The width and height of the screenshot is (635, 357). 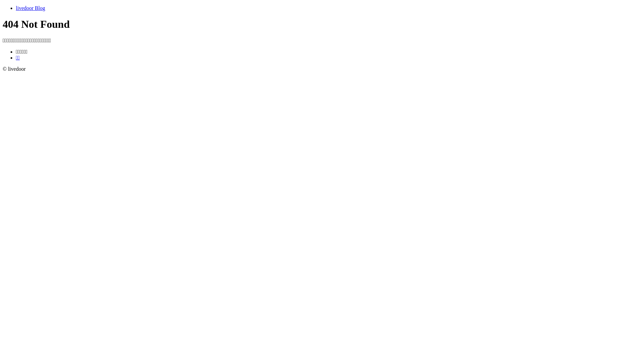 I want to click on 'livedoor Blog', so click(x=30, y=8).